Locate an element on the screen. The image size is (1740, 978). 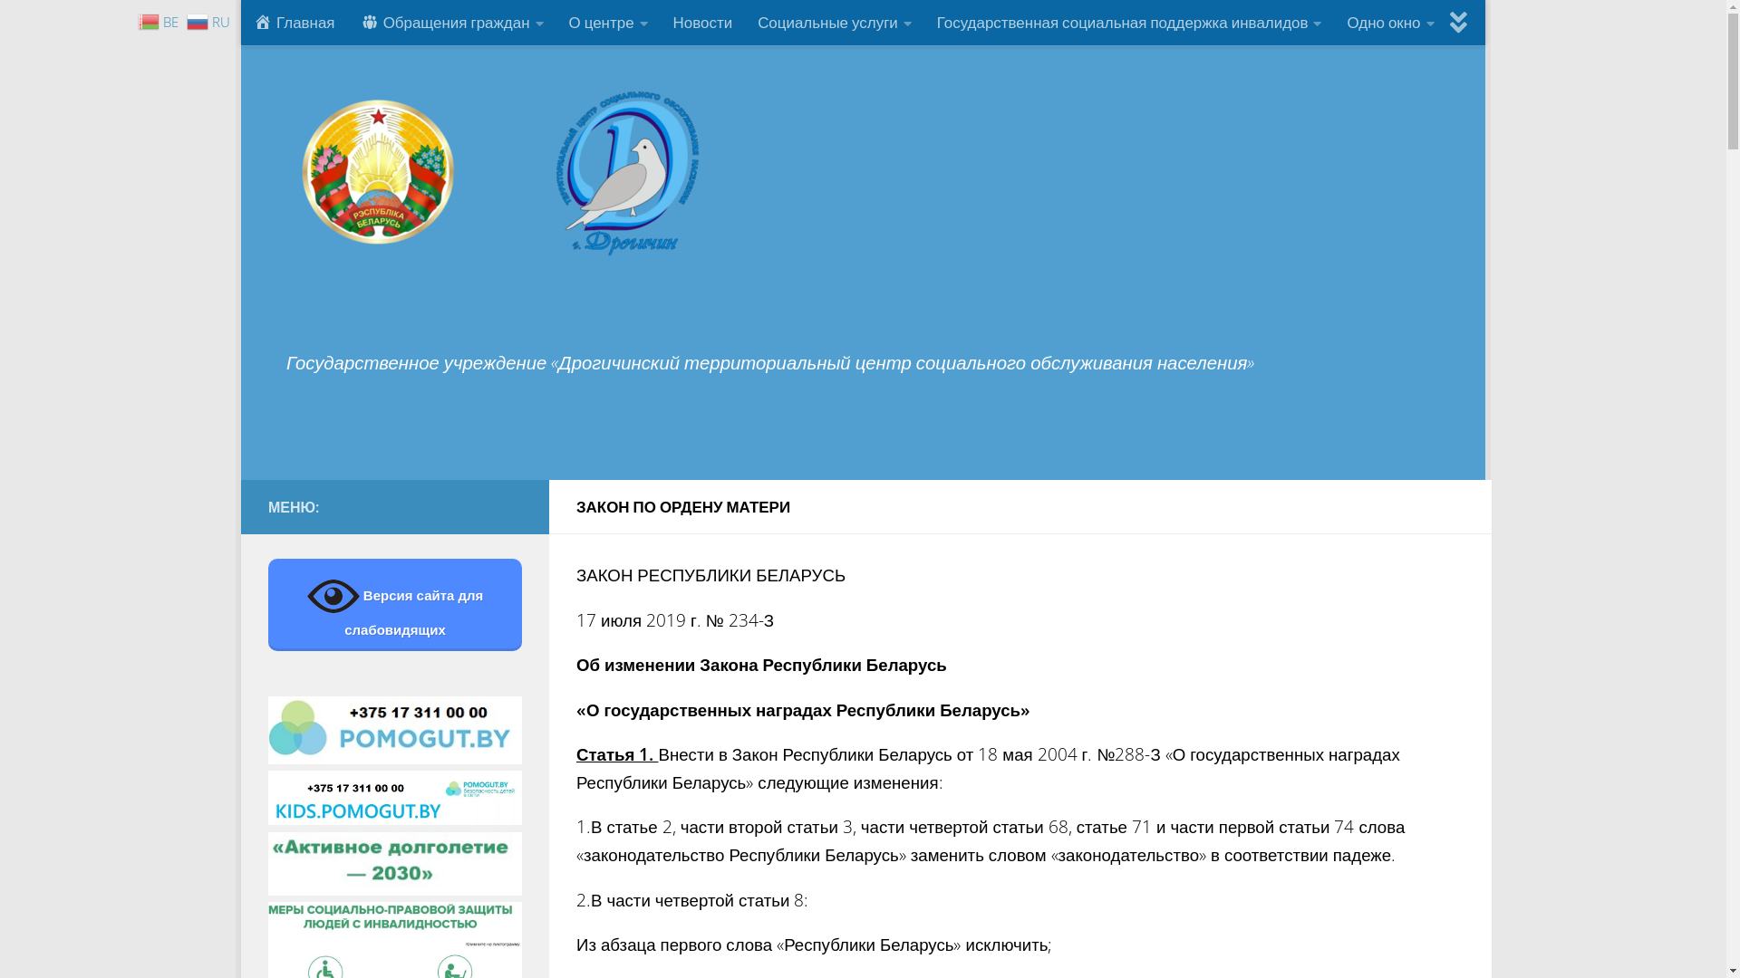
'RU' is located at coordinates (210, 20).